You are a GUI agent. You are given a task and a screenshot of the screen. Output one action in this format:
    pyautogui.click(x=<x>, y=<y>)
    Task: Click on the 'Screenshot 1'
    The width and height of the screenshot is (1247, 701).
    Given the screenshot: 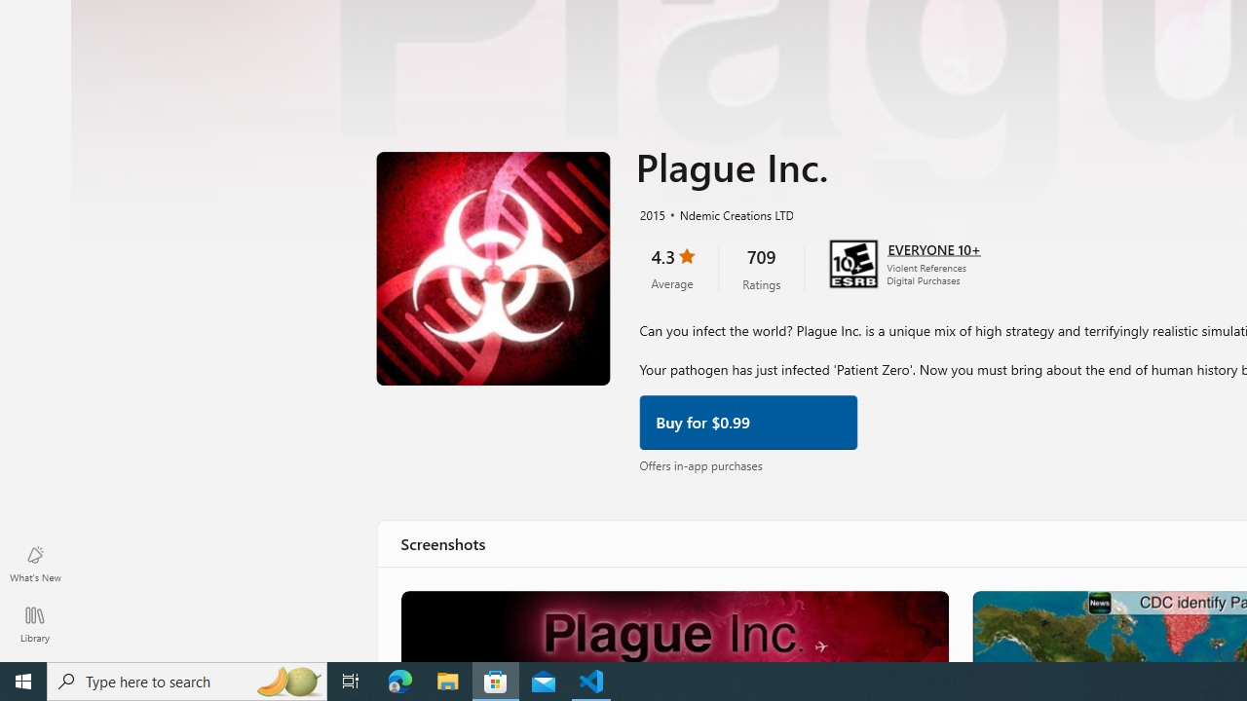 What is the action you would take?
    pyautogui.click(x=673, y=625)
    